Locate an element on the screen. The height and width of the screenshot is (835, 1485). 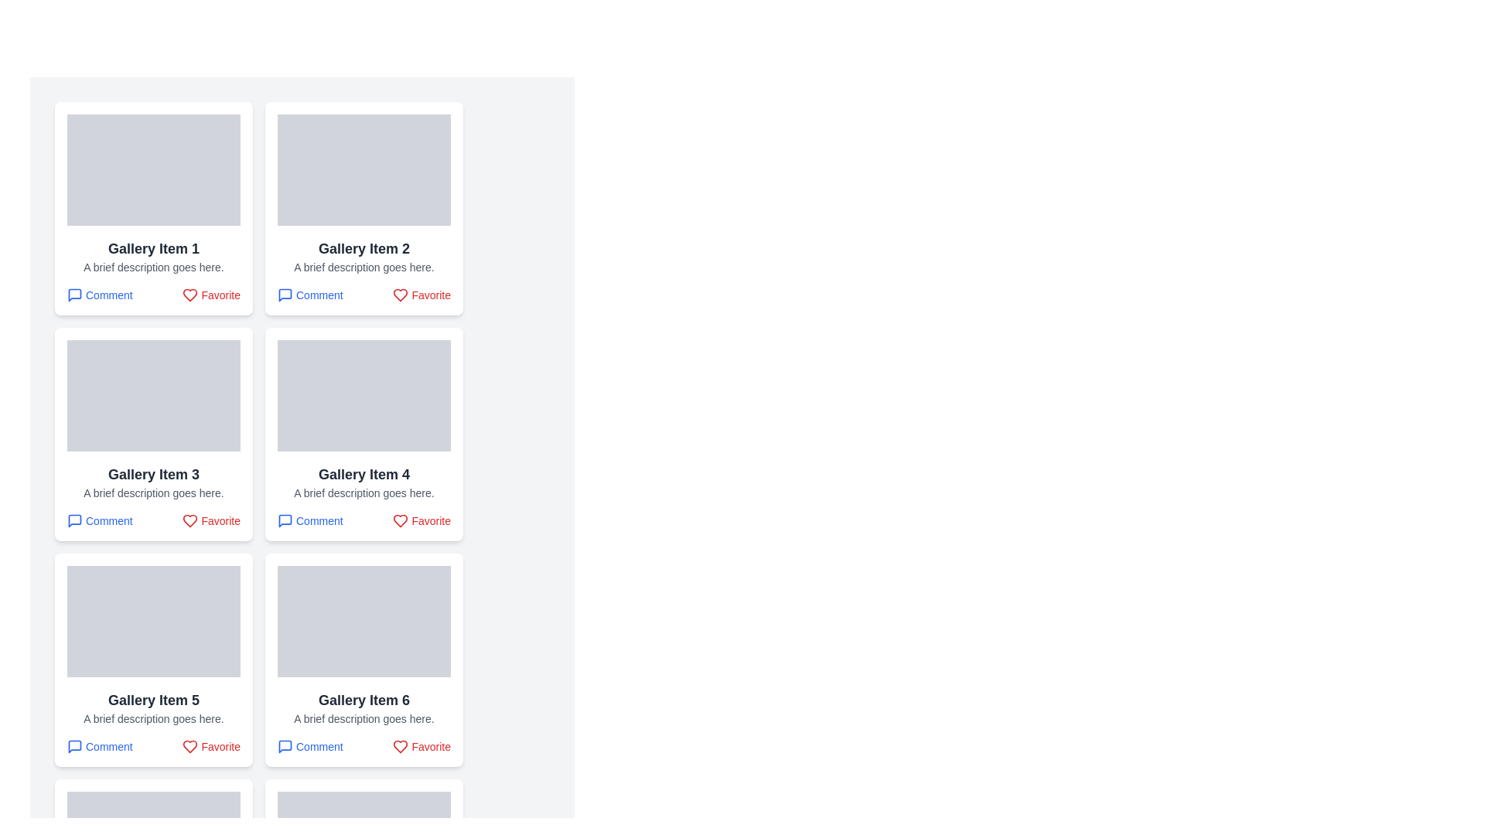
the comment icon located to the left of the text 'Comment' in the first card of the gallery items is located at coordinates (73, 295).